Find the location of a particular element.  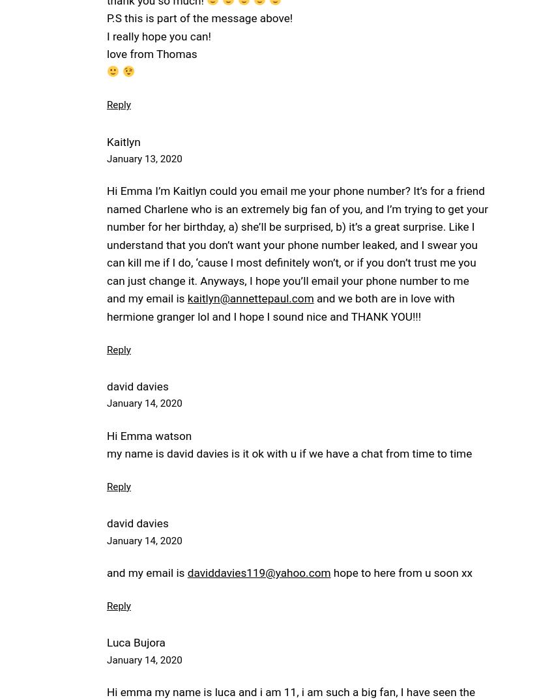

'and we both are in love with hermione granger lol and I hope I sound nice and THANK YOU!!!' is located at coordinates (106, 306).